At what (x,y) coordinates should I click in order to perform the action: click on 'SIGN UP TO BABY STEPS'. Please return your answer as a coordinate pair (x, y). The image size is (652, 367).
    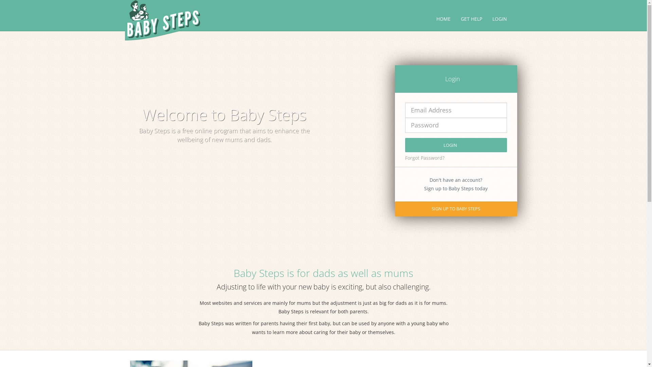
    Looking at the image, I should click on (456, 208).